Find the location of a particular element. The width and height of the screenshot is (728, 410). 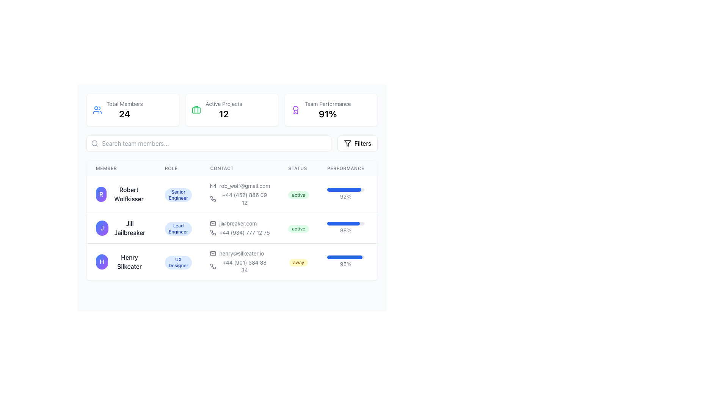

the third data row is located at coordinates (250, 261).